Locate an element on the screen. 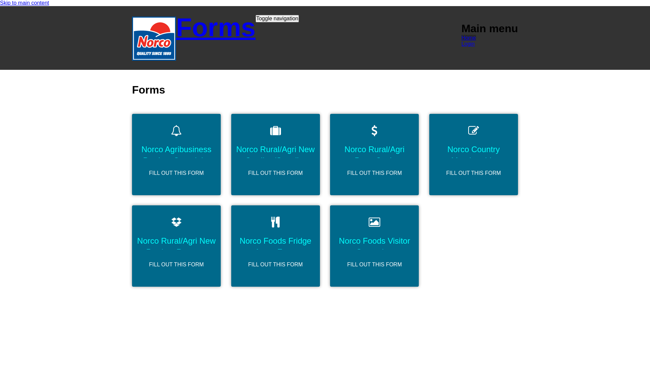 This screenshot has width=650, height=366. 'FILL OUT THIS FORM' is located at coordinates (276, 264).